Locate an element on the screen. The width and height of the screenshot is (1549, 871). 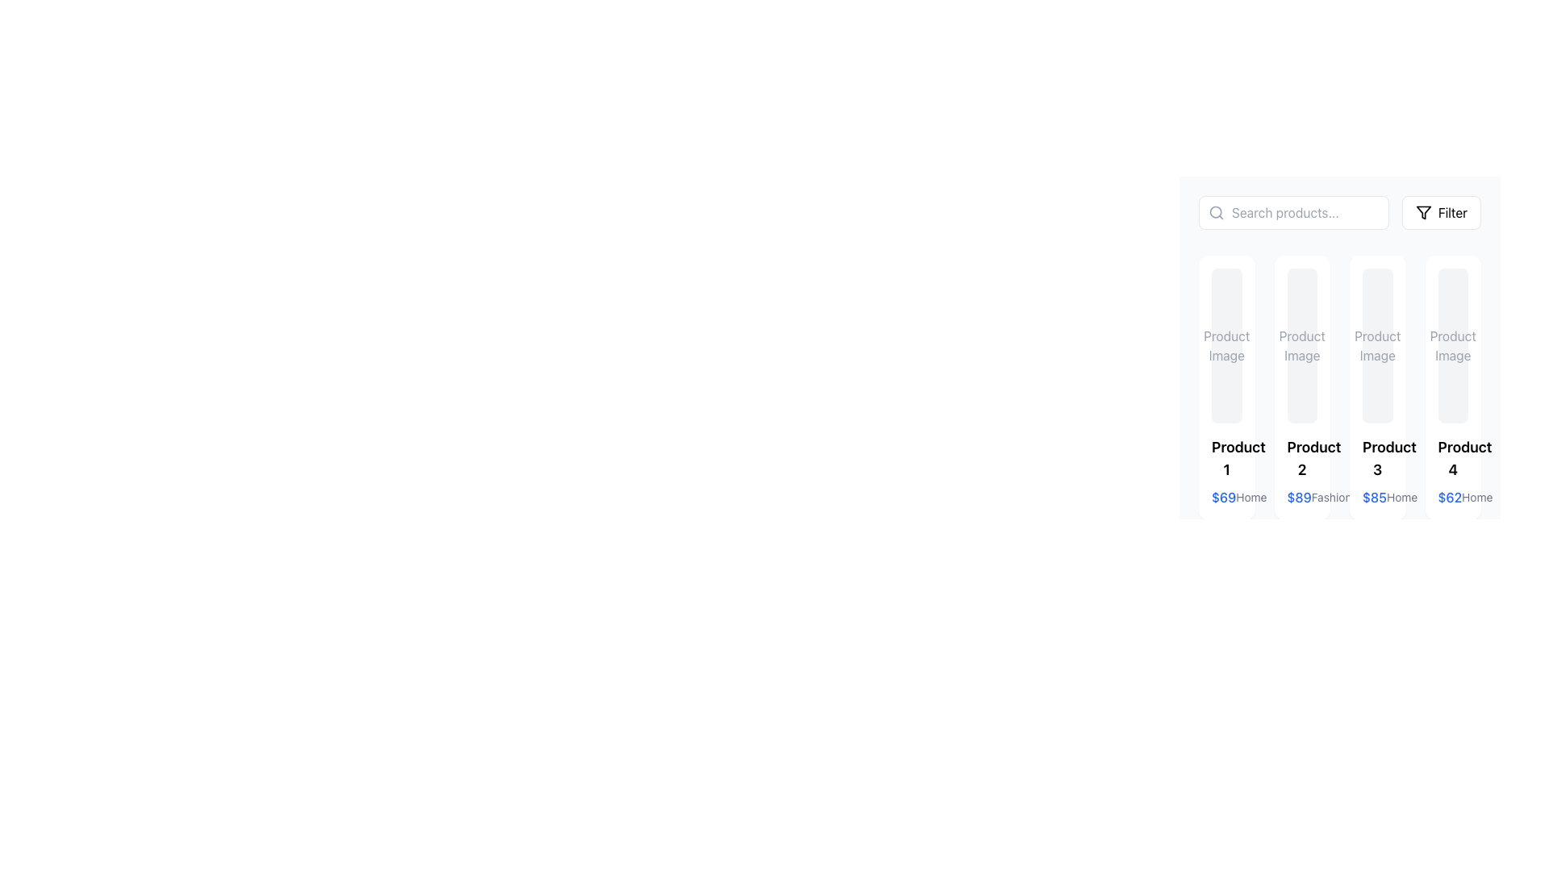
the text label that serves as a category or tag descriptor for the product, located to the right of the price '$62' in the product information section of 'Product 4' is located at coordinates (1477, 497).